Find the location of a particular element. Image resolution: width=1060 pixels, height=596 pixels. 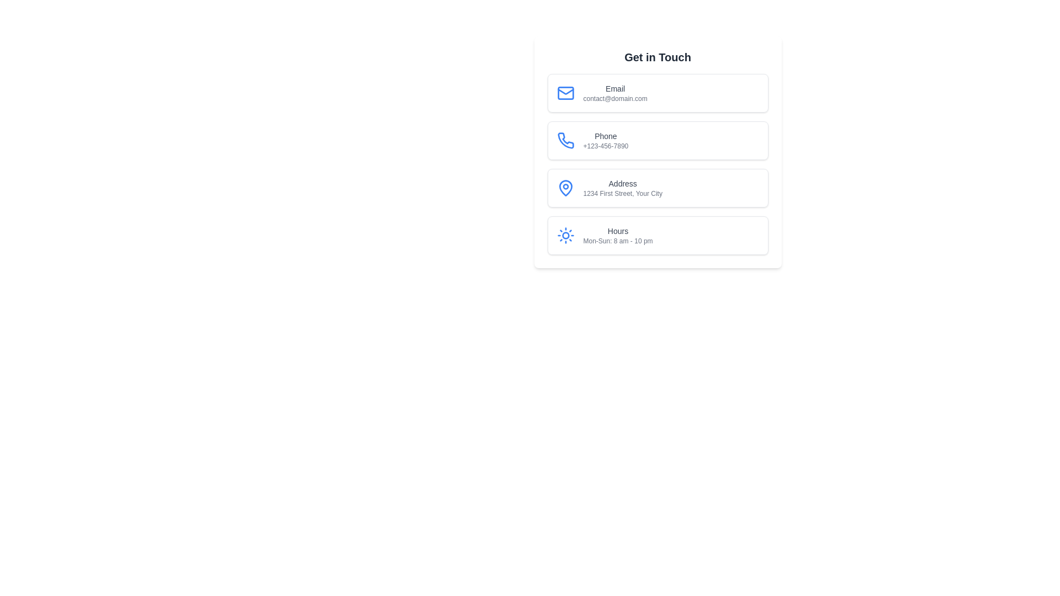

the first Informational Card displaying email contact details in the 'Get in Touch' section is located at coordinates (658, 93).